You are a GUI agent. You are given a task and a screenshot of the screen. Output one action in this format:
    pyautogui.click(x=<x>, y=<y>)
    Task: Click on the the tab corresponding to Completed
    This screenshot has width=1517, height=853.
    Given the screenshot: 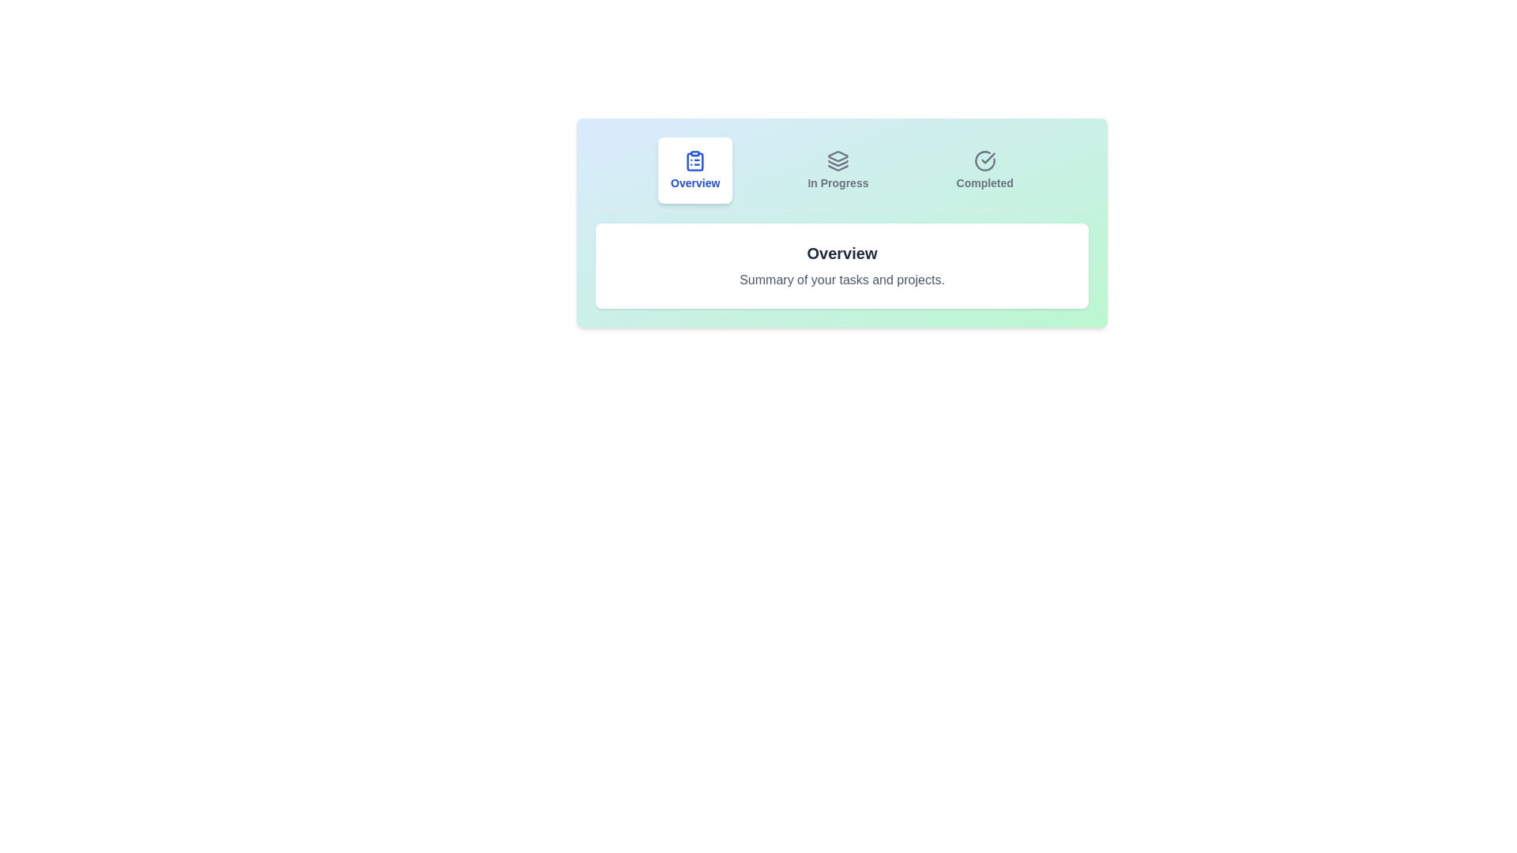 What is the action you would take?
    pyautogui.click(x=984, y=171)
    